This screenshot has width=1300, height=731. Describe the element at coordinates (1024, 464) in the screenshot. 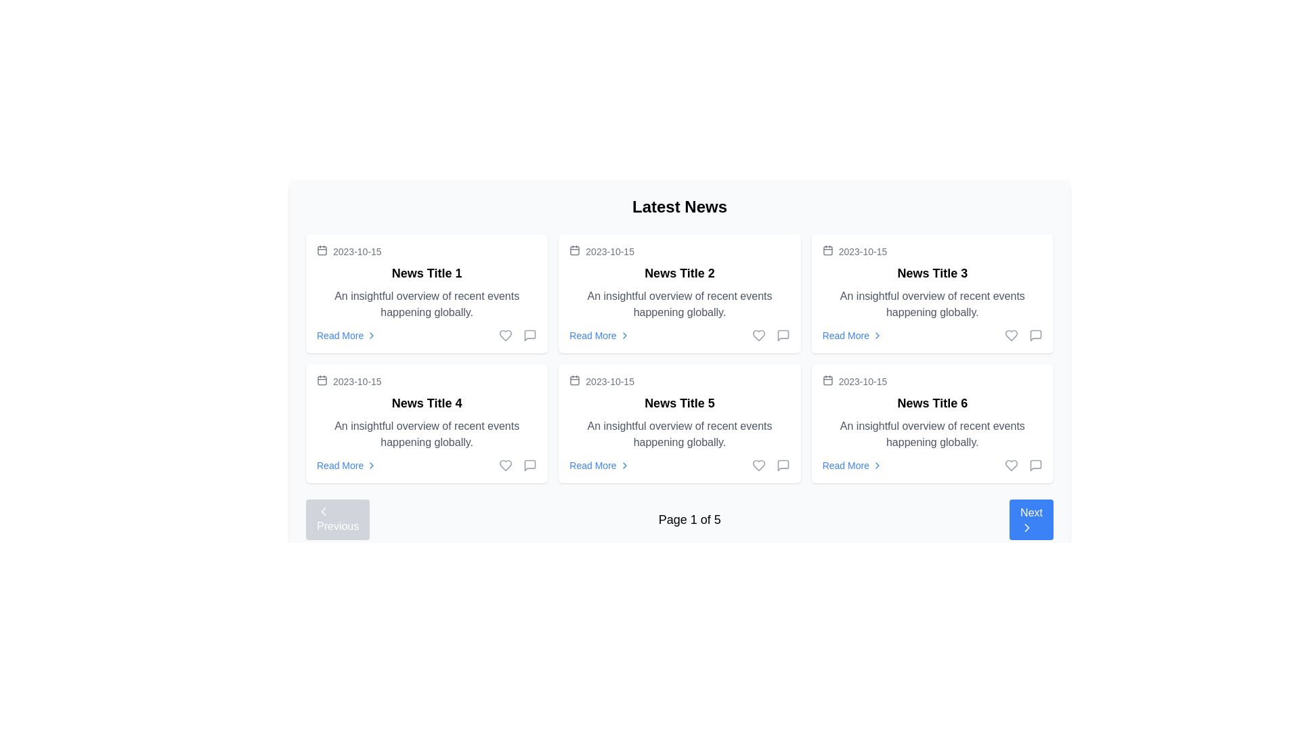

I see `the composite icon button group at the bottom-right section of the 'News Title 6' card in the 'Latest News' list to trigger additional effects` at that location.